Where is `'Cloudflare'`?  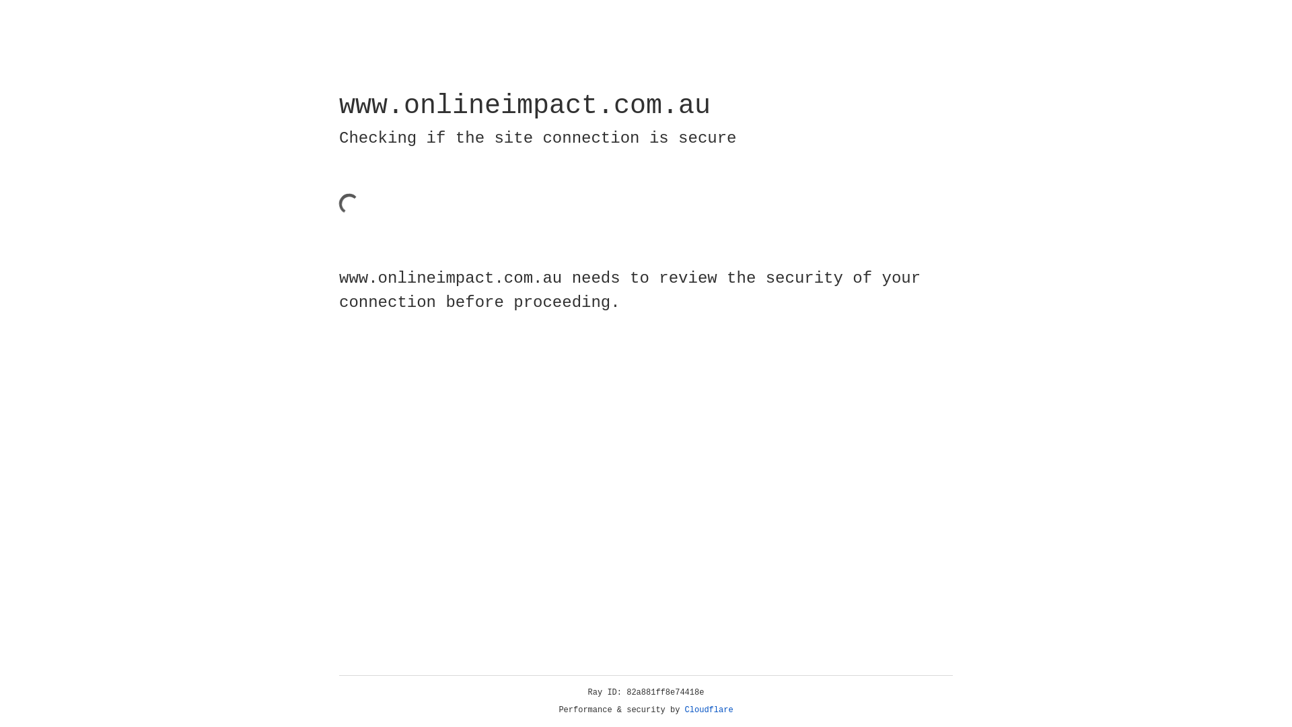
'Cloudflare' is located at coordinates (709, 709).